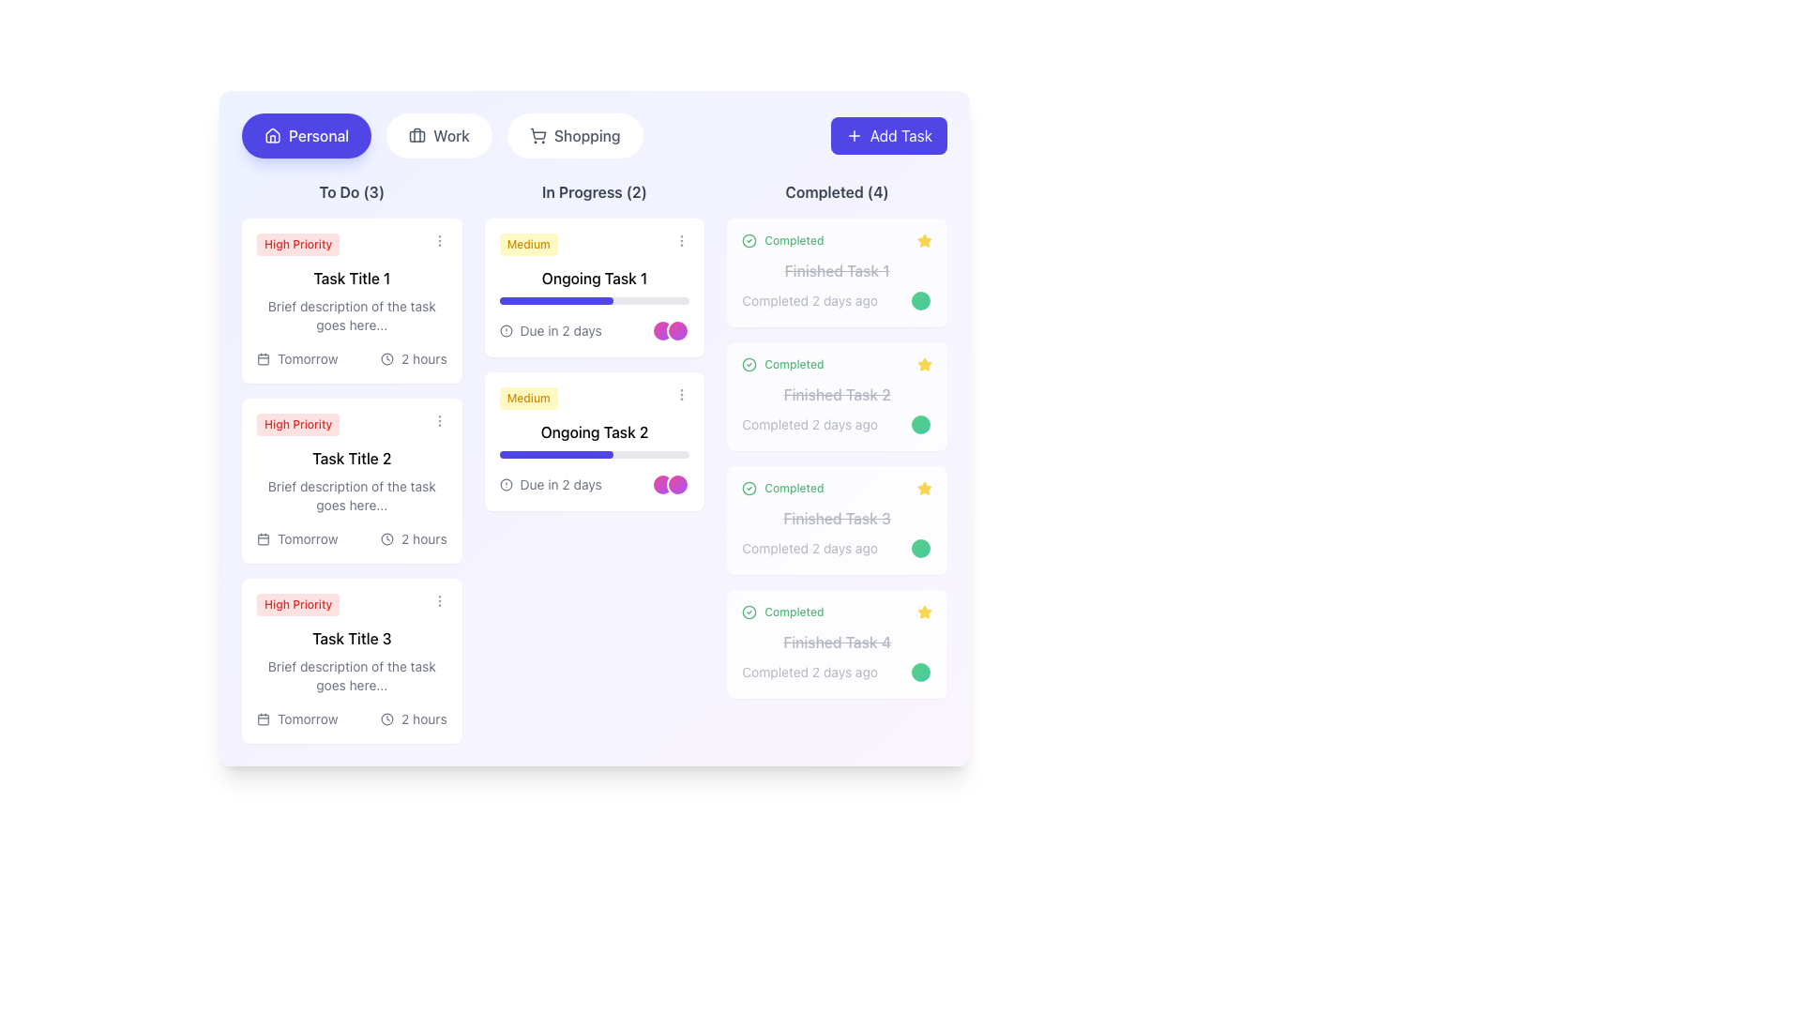 The width and height of the screenshot is (1801, 1013). I want to click on the content of the 'Medium' priority level text label located in the top-left corner of the 'In Progress' card for 'Ongoing Task 2', so click(527, 397).